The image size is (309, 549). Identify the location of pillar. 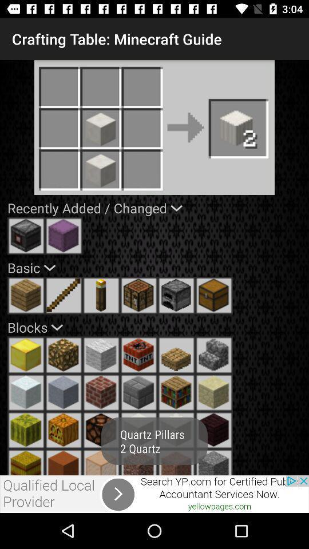
(176, 462).